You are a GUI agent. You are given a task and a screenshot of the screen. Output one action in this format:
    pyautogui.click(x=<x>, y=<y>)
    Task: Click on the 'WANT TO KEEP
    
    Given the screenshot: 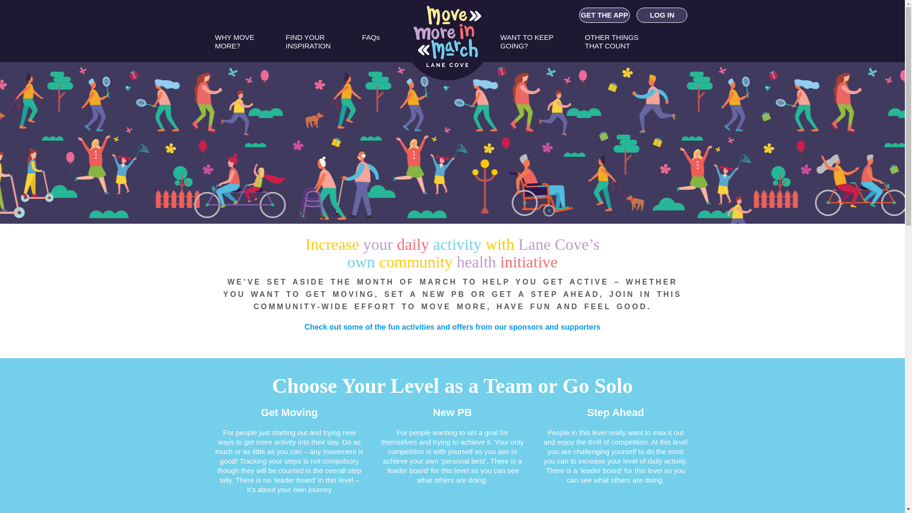 What is the action you would take?
    pyautogui.click(x=526, y=46)
    